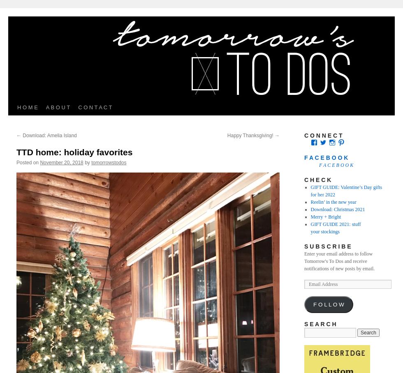 The width and height of the screenshot is (403, 373). I want to click on 'Download: Amelia Island', so click(49, 135).